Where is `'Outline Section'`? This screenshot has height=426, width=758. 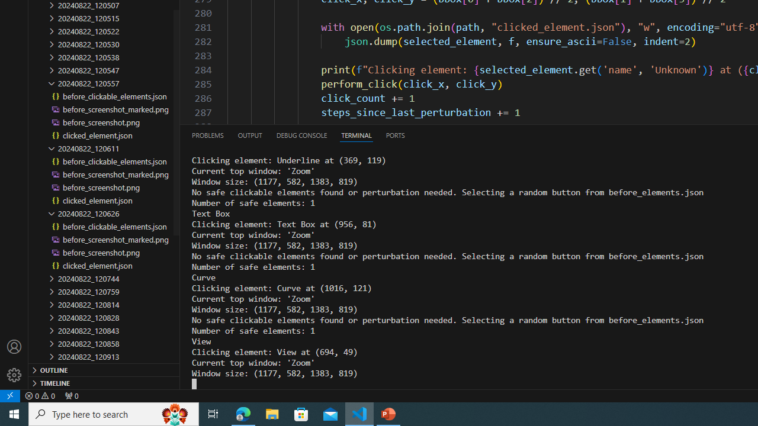
'Outline Section' is located at coordinates (104, 369).